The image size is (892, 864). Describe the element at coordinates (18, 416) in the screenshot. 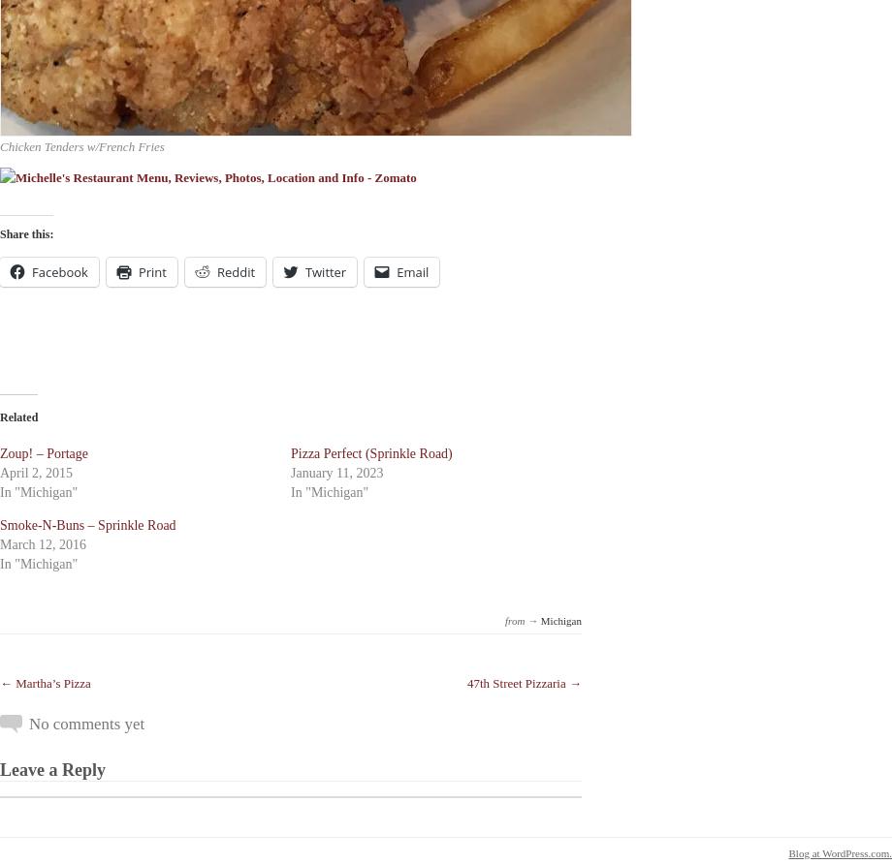

I see `'Related'` at that location.